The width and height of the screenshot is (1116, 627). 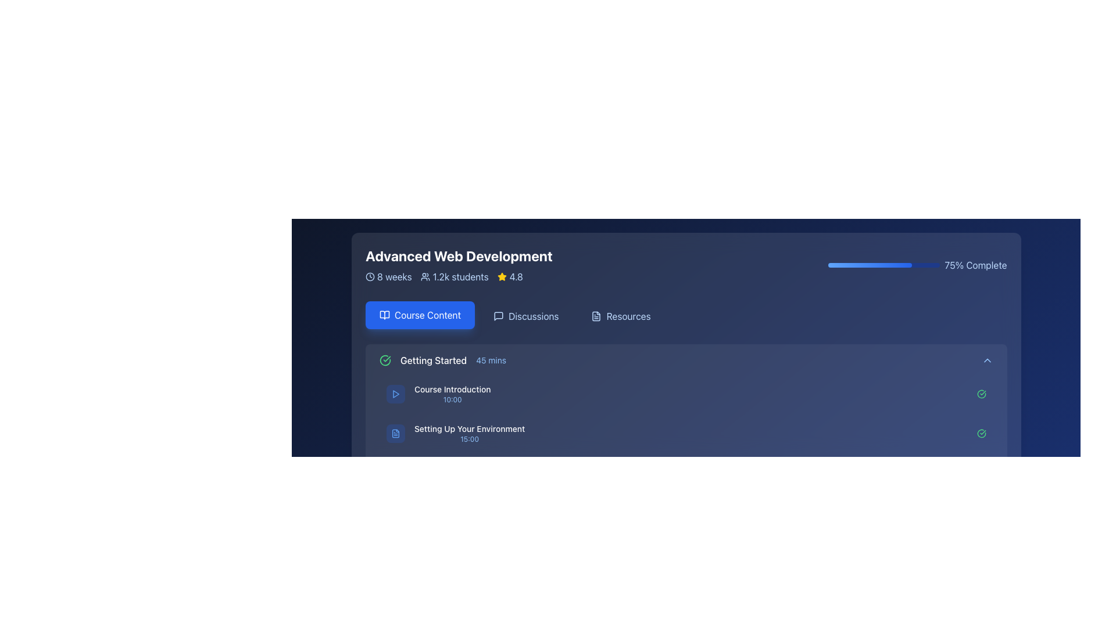 I want to click on label for the course module titled 'Course Introduction' with a duration of '10:00', which is located within a list of course modules and is associated with a play button on the left, so click(x=452, y=393).